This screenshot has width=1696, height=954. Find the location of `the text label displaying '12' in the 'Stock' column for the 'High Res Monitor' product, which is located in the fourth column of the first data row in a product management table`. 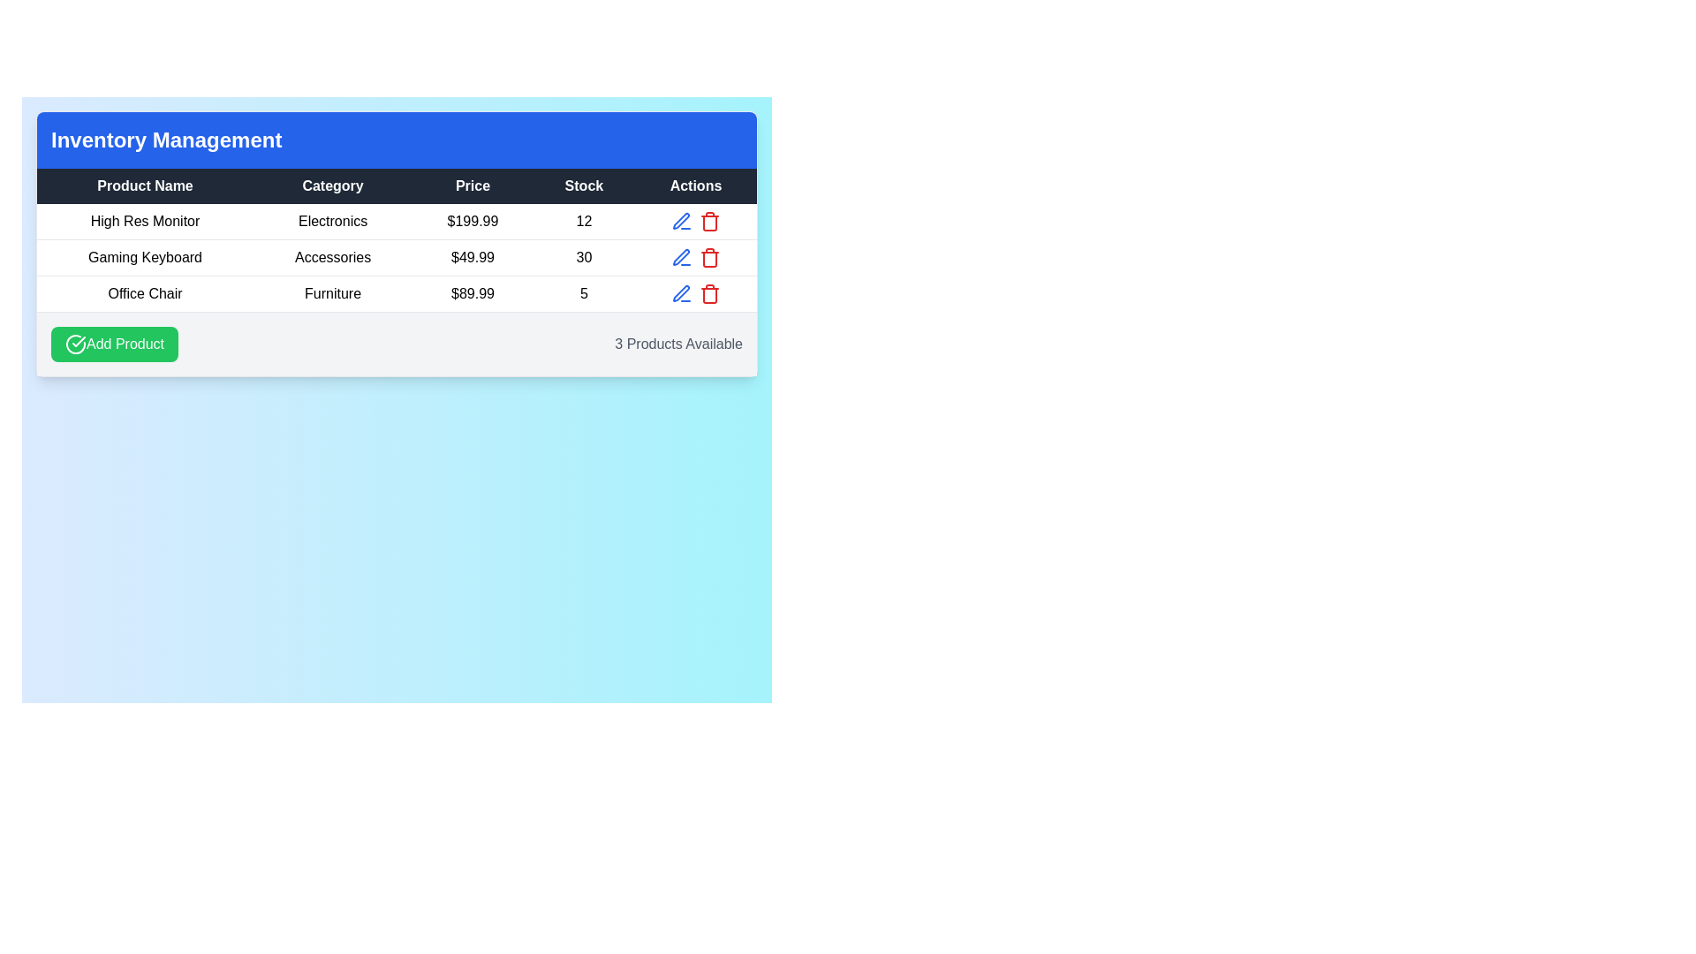

the text label displaying '12' in the 'Stock' column for the 'High Res Monitor' product, which is located in the fourth column of the first data row in a product management table is located at coordinates (584, 221).